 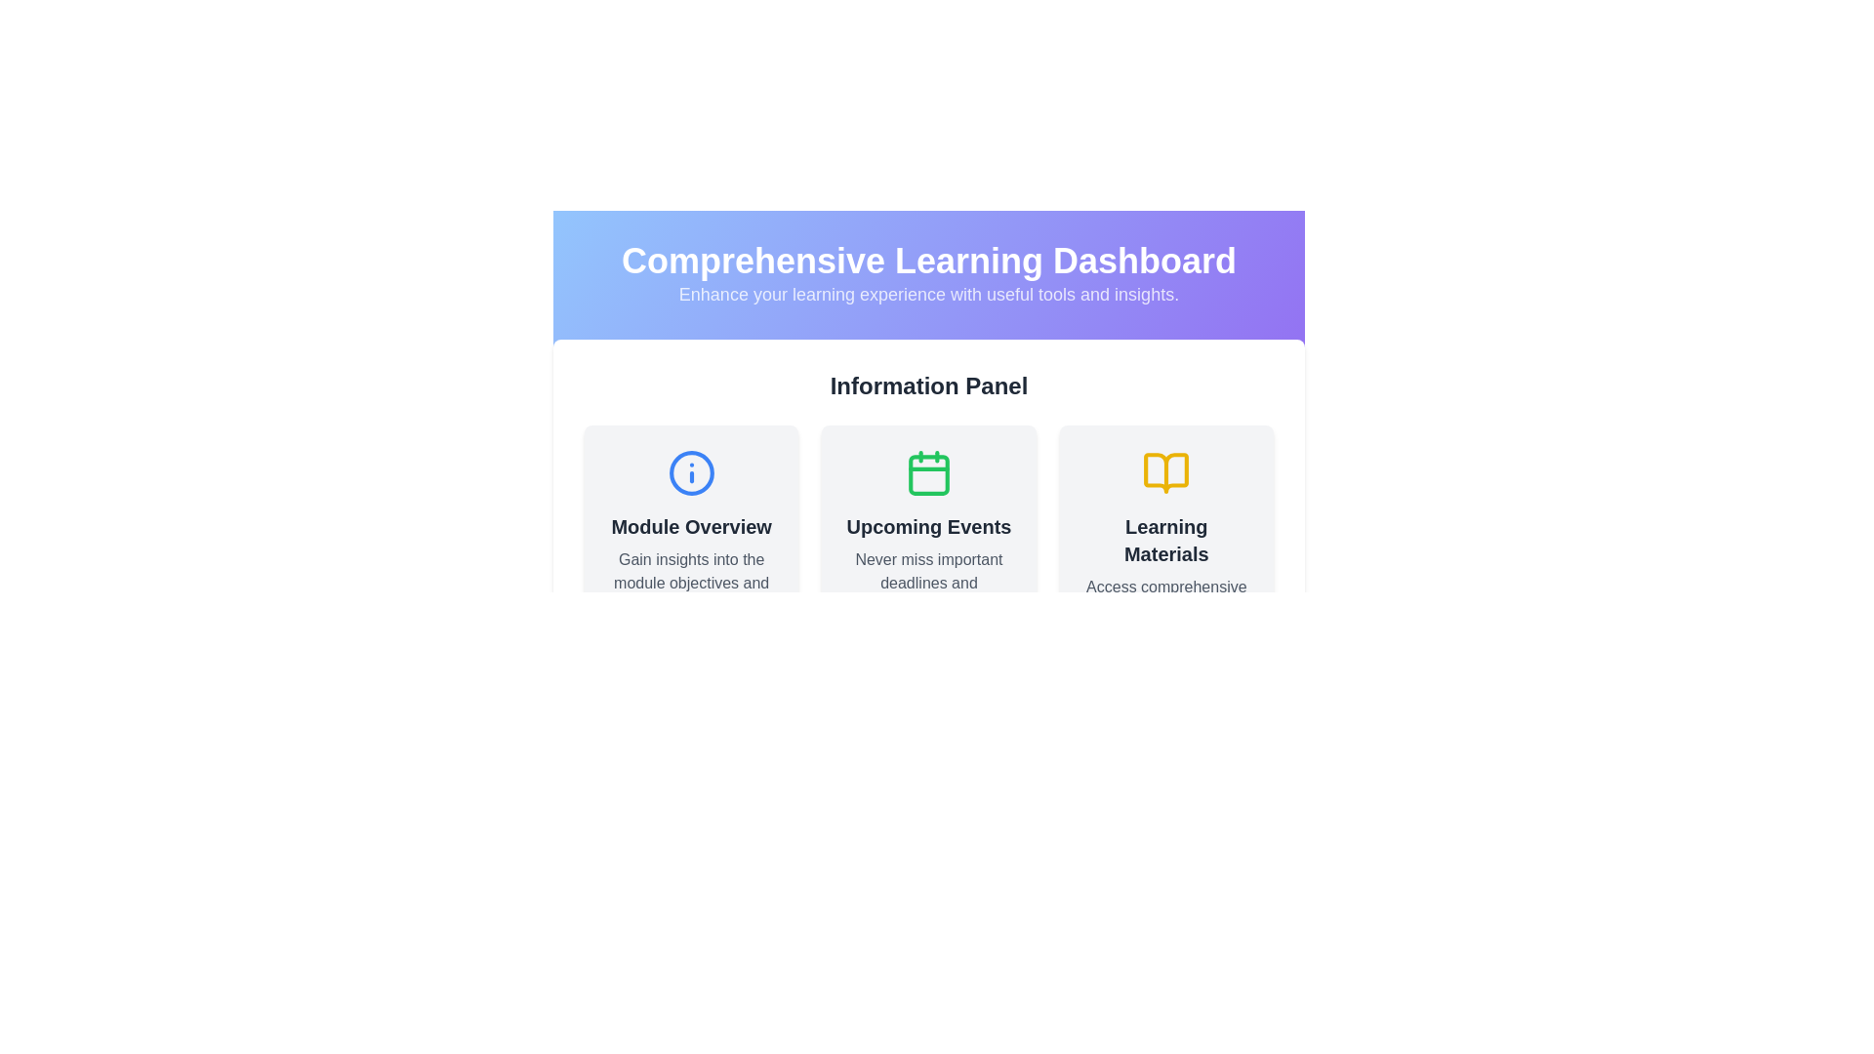 I want to click on the green calendar icon with a rounded rectangle outline and clips at the top, located in the 'Upcoming Events' section of the 'Information Panel', so click(x=927, y=473).